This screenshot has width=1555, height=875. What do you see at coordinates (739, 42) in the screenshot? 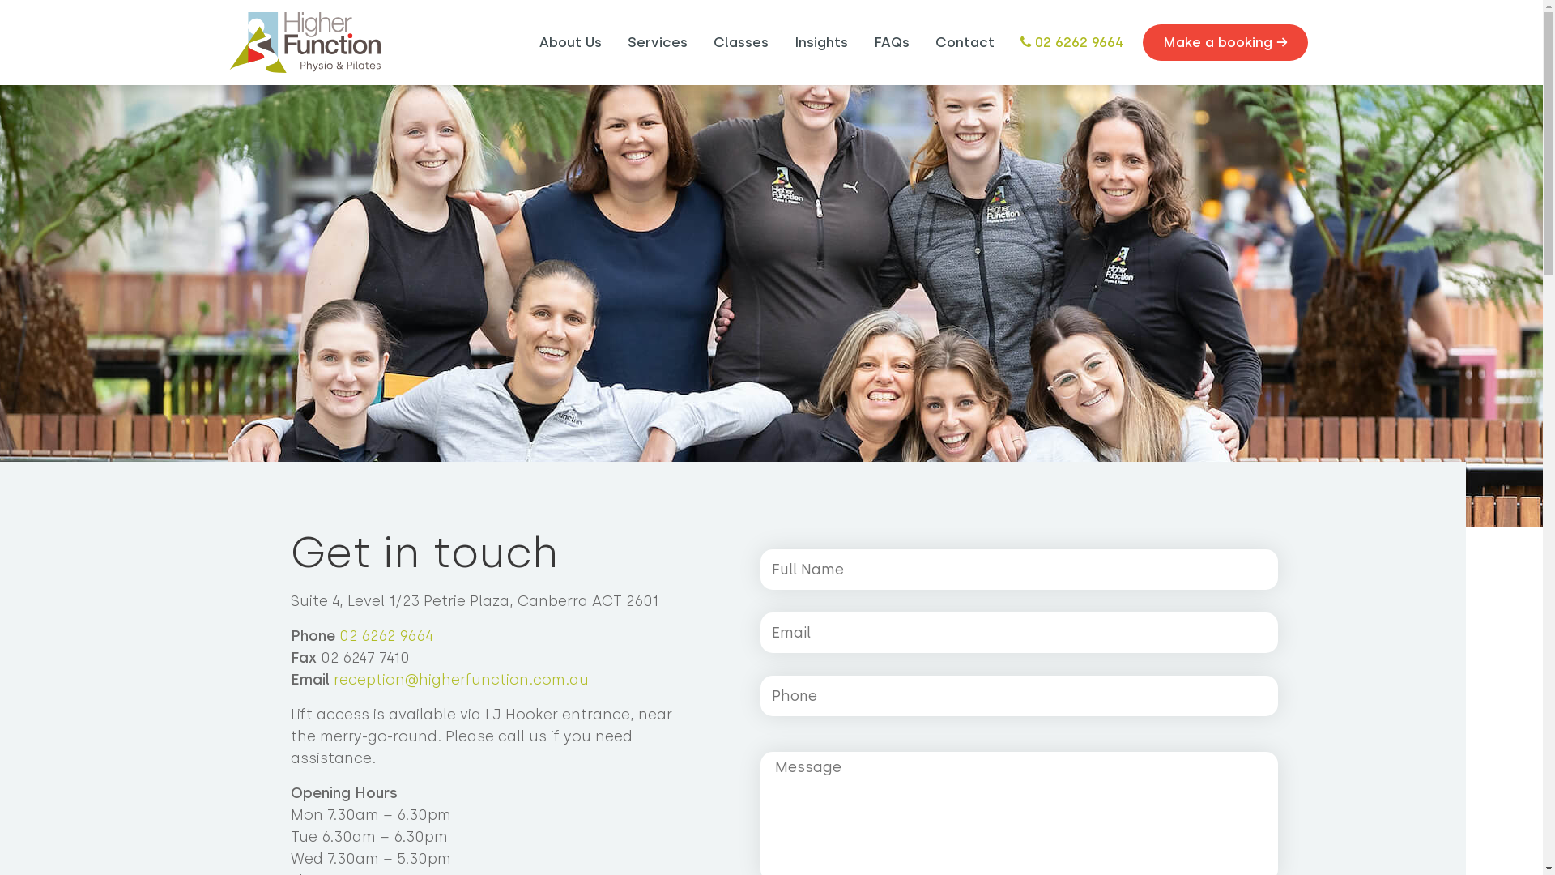
I see `'Classes'` at bounding box center [739, 42].